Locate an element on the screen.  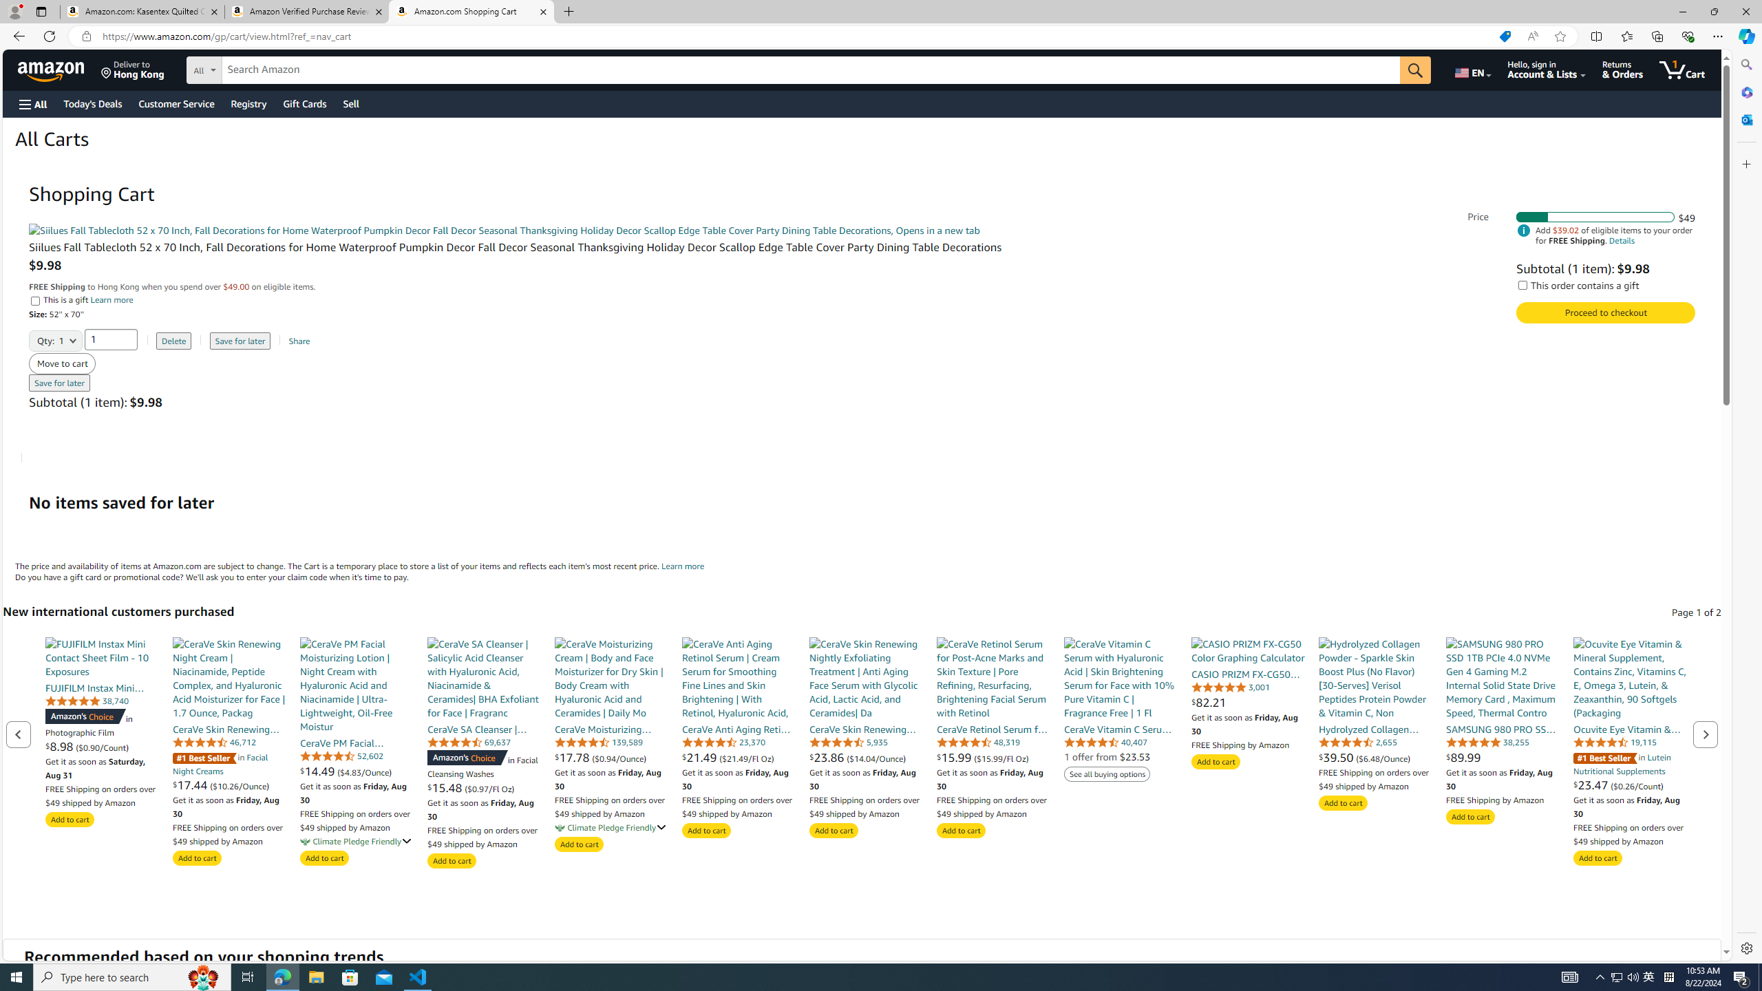
'Add to cart' is located at coordinates (1596, 857).